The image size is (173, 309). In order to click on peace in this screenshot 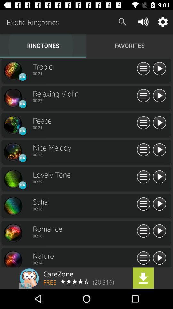, I will do `click(13, 125)`.